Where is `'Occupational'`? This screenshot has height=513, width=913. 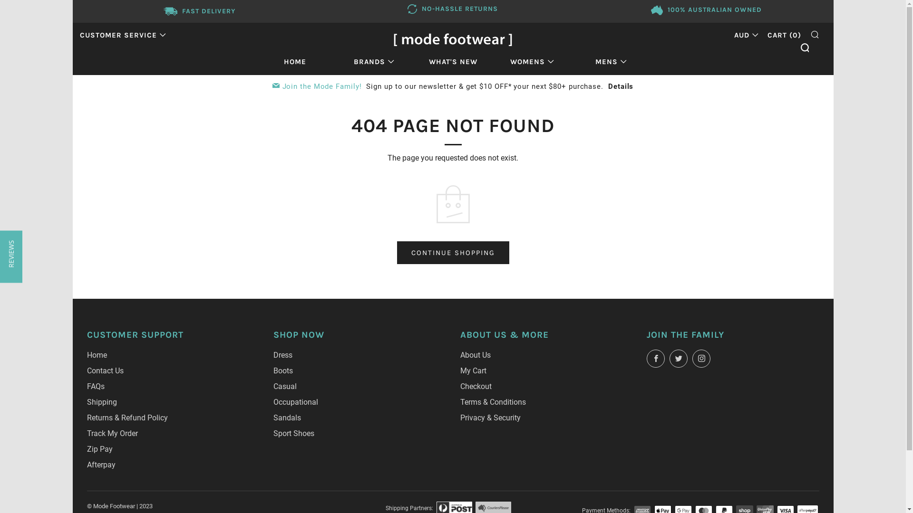 'Occupational' is located at coordinates (295, 402).